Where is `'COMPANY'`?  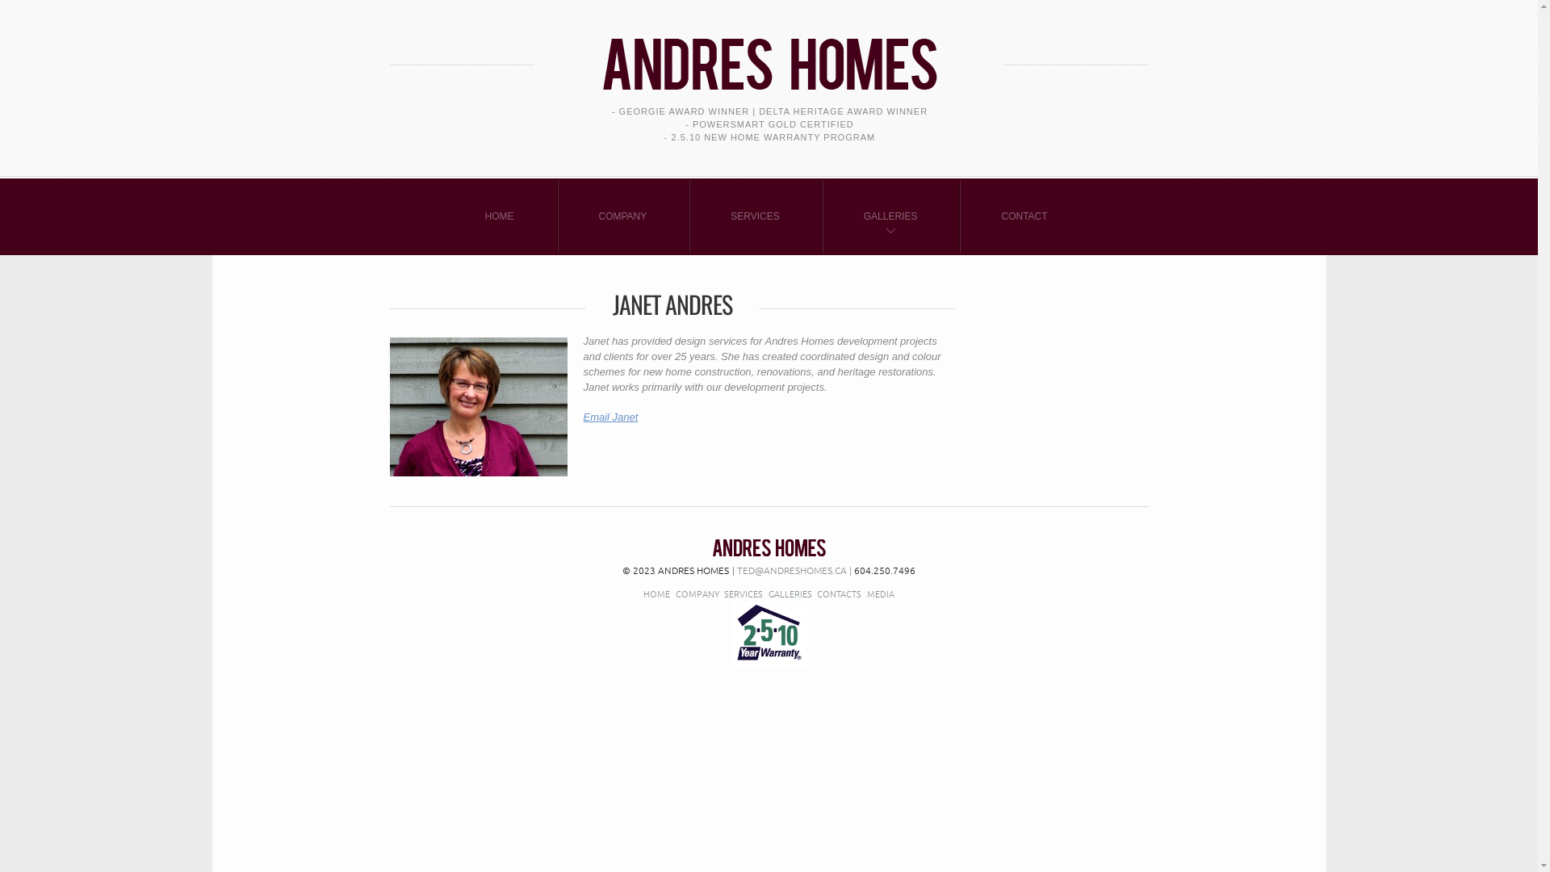 'COMPANY' is located at coordinates (622, 216).